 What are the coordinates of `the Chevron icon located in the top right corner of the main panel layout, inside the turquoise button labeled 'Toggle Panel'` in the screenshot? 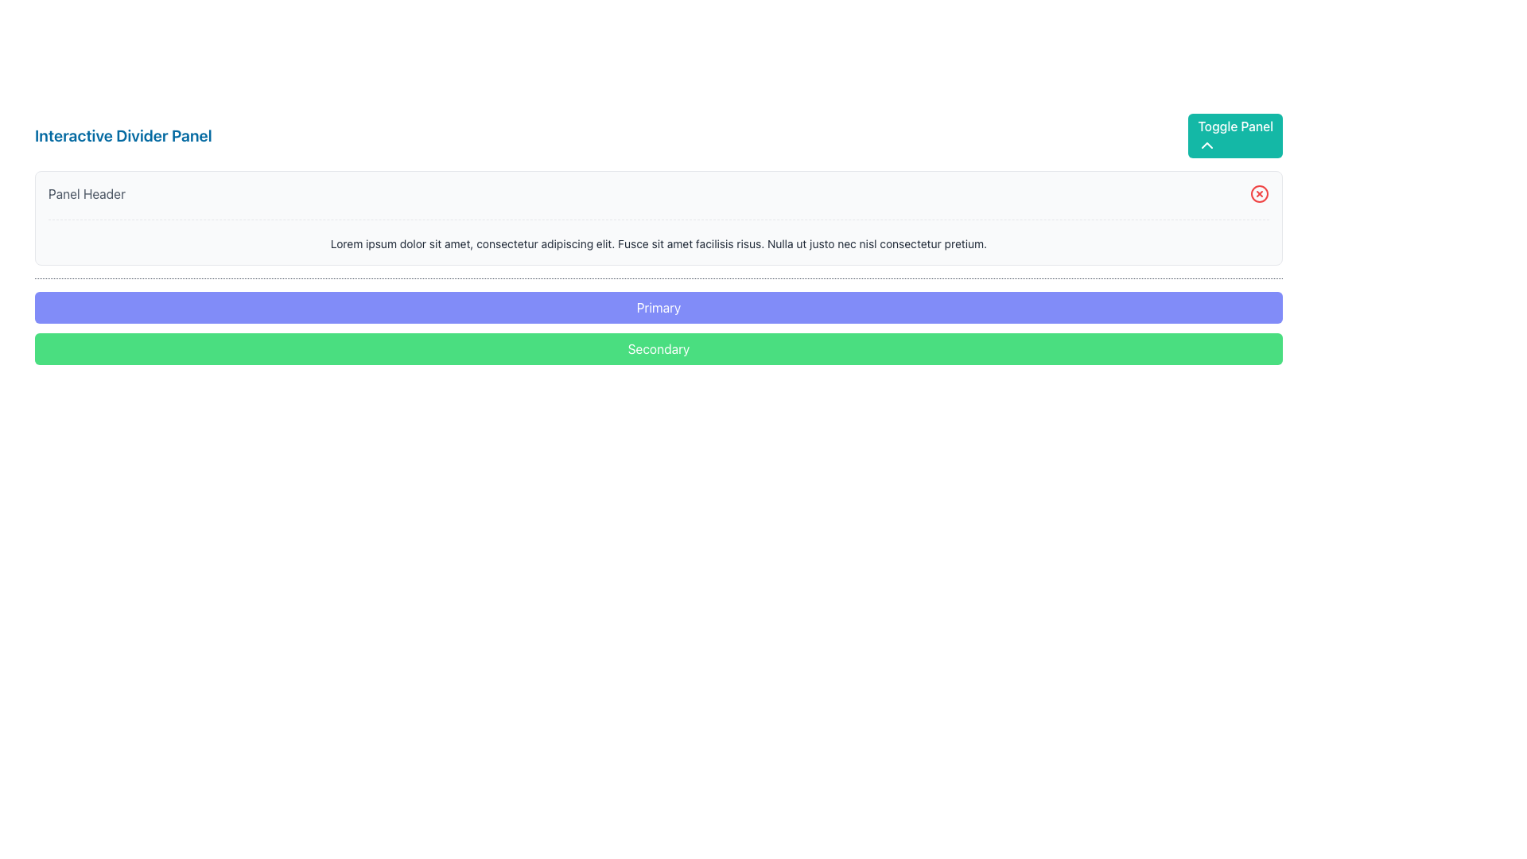 It's located at (1207, 145).